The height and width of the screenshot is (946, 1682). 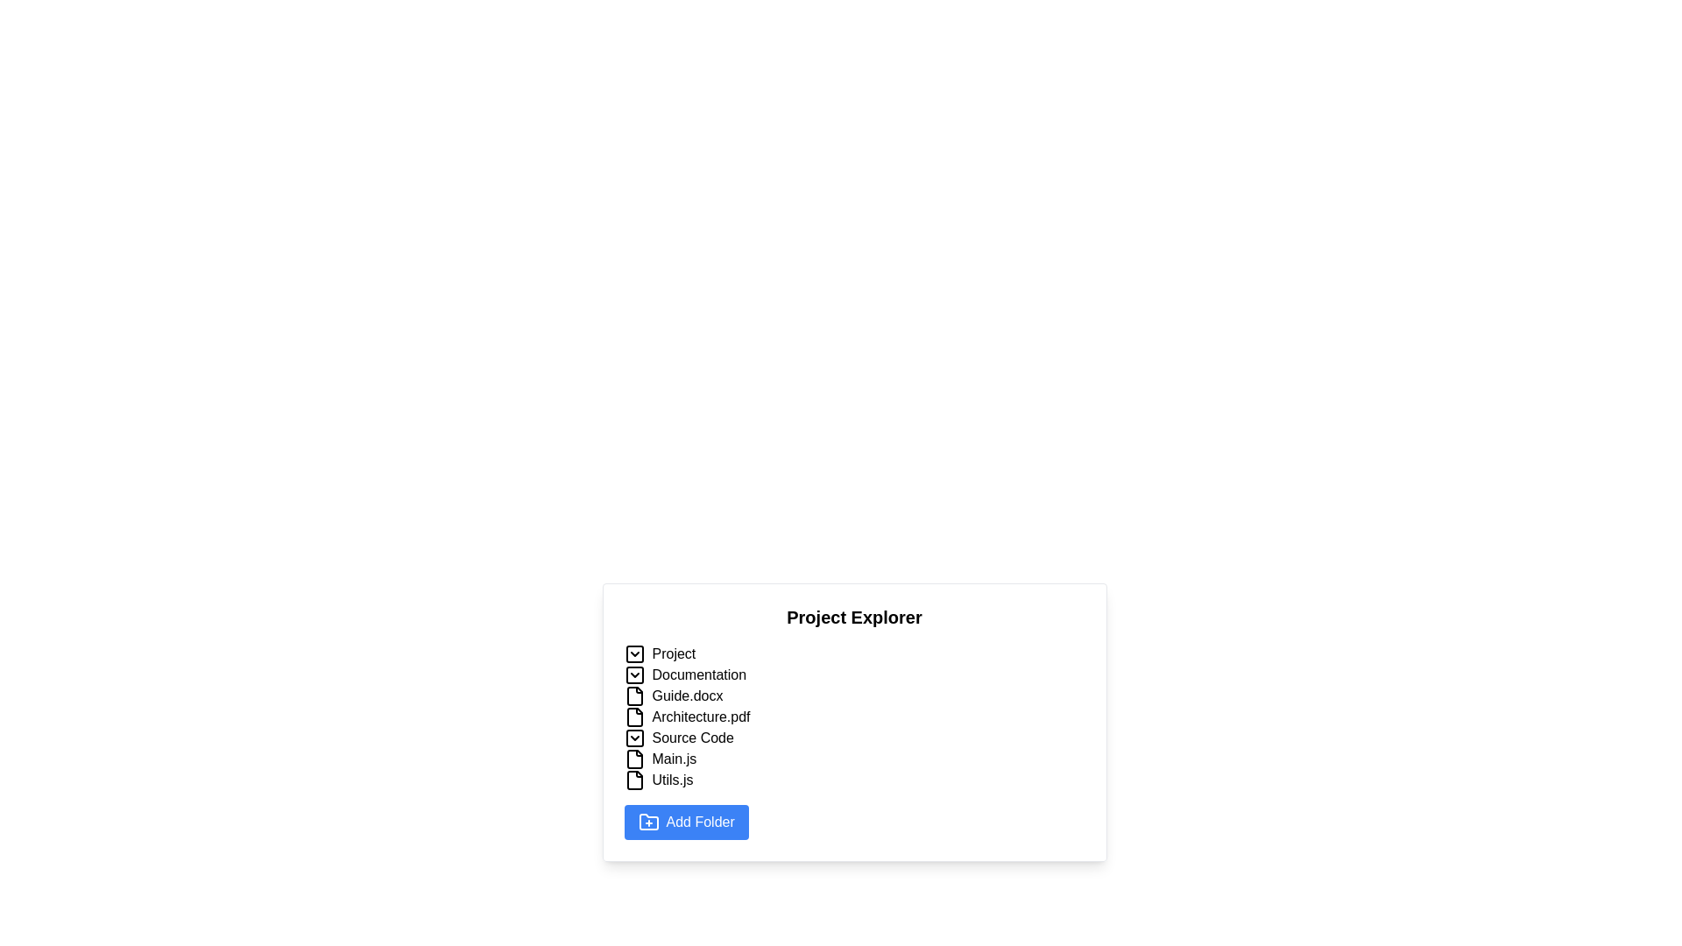 What do you see at coordinates (701, 717) in the screenshot?
I see `on the text label representing the file named 'Architecture.pdf'` at bounding box center [701, 717].